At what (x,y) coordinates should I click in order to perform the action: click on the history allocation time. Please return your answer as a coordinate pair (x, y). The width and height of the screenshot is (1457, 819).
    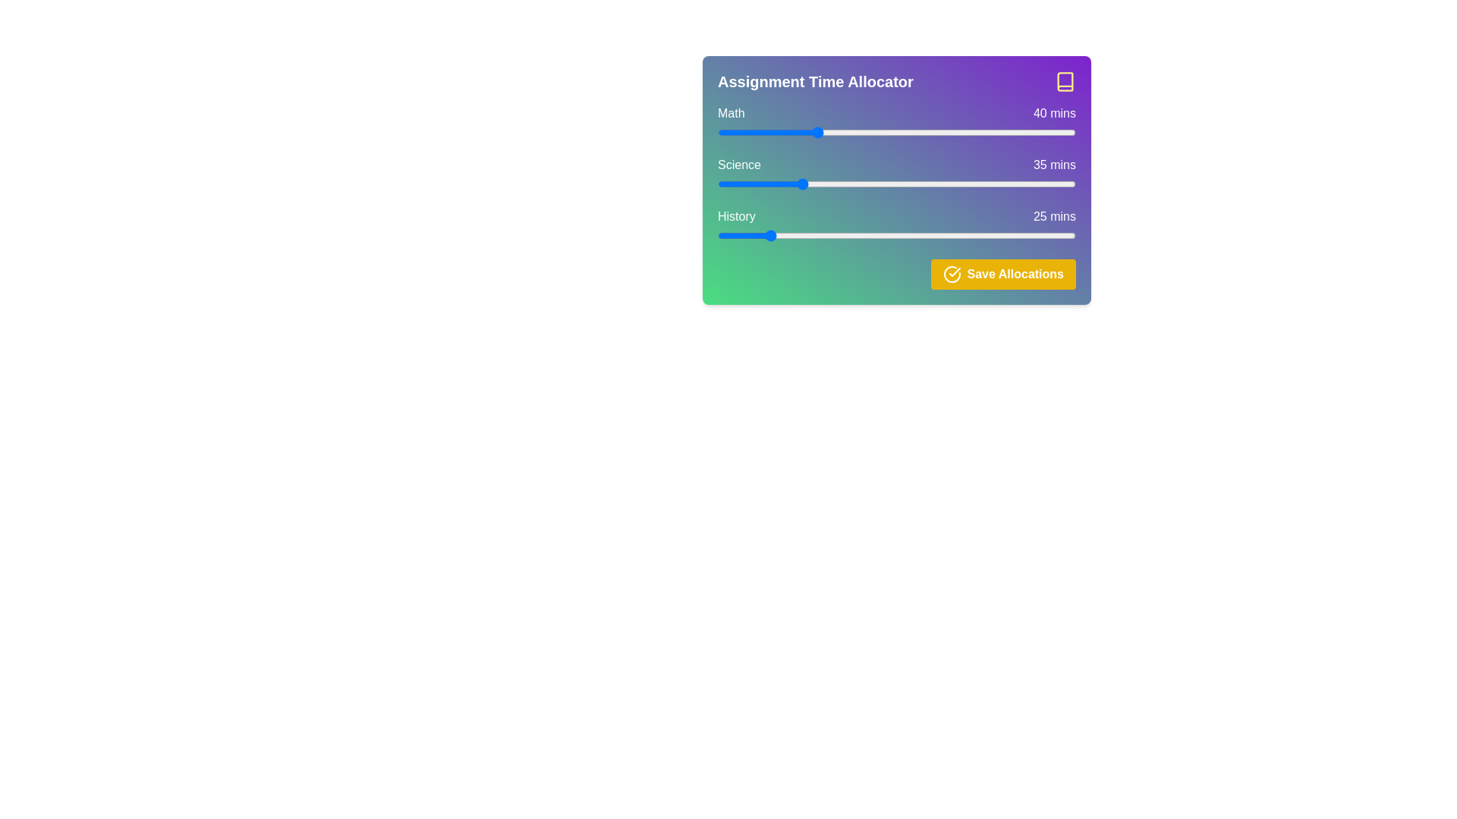
    Looking at the image, I should click on (984, 236).